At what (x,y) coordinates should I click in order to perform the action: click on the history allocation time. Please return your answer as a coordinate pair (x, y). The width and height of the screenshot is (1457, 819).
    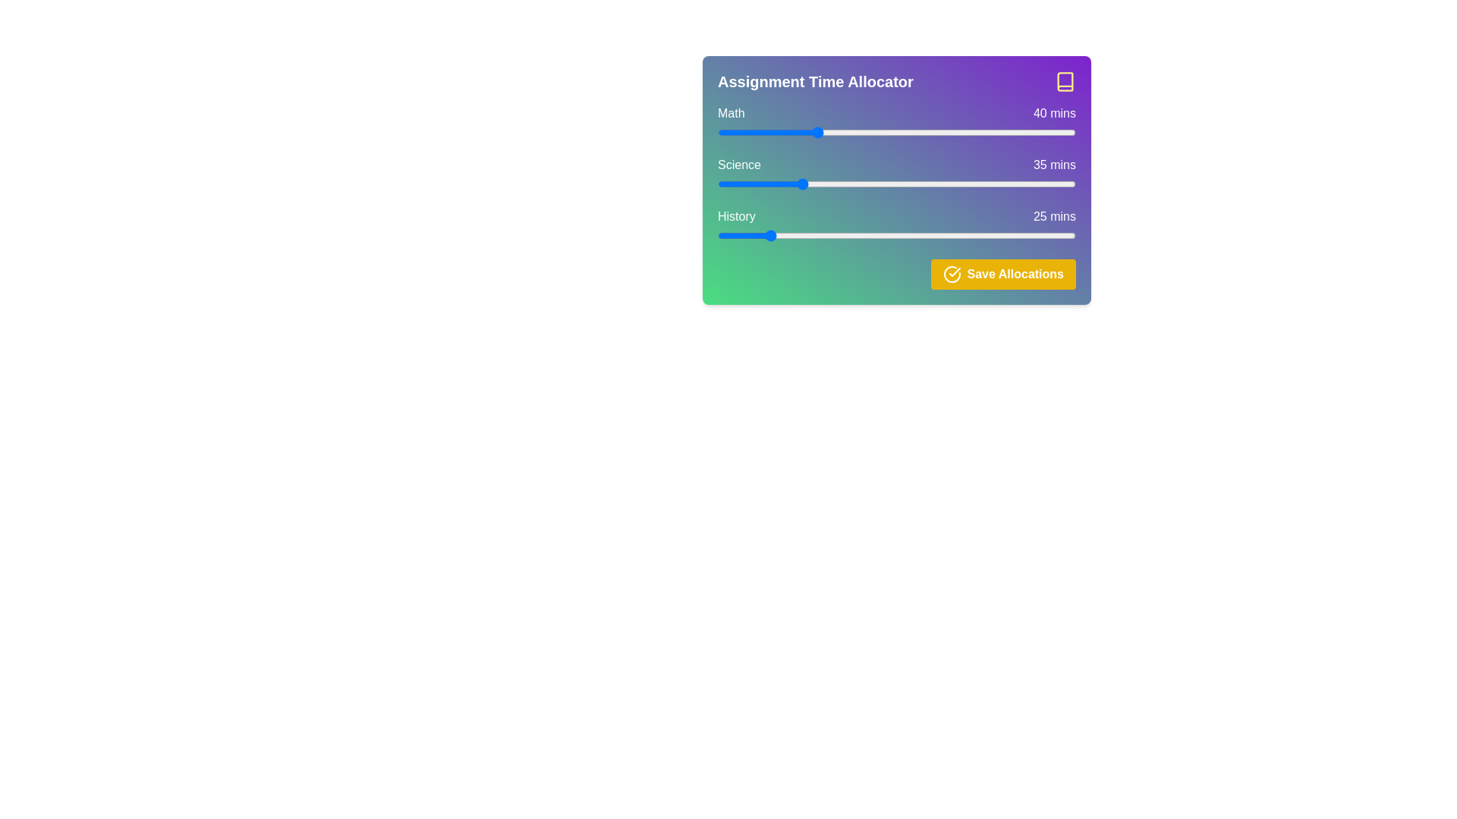
    Looking at the image, I should click on (984, 236).